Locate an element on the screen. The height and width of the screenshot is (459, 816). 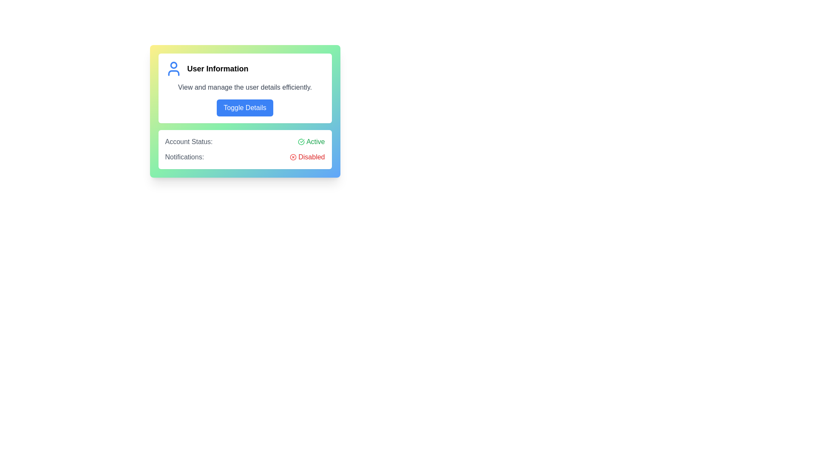
the 'Active' status indicator icon located to the right of the 'Account Status' label is located at coordinates (301, 142).